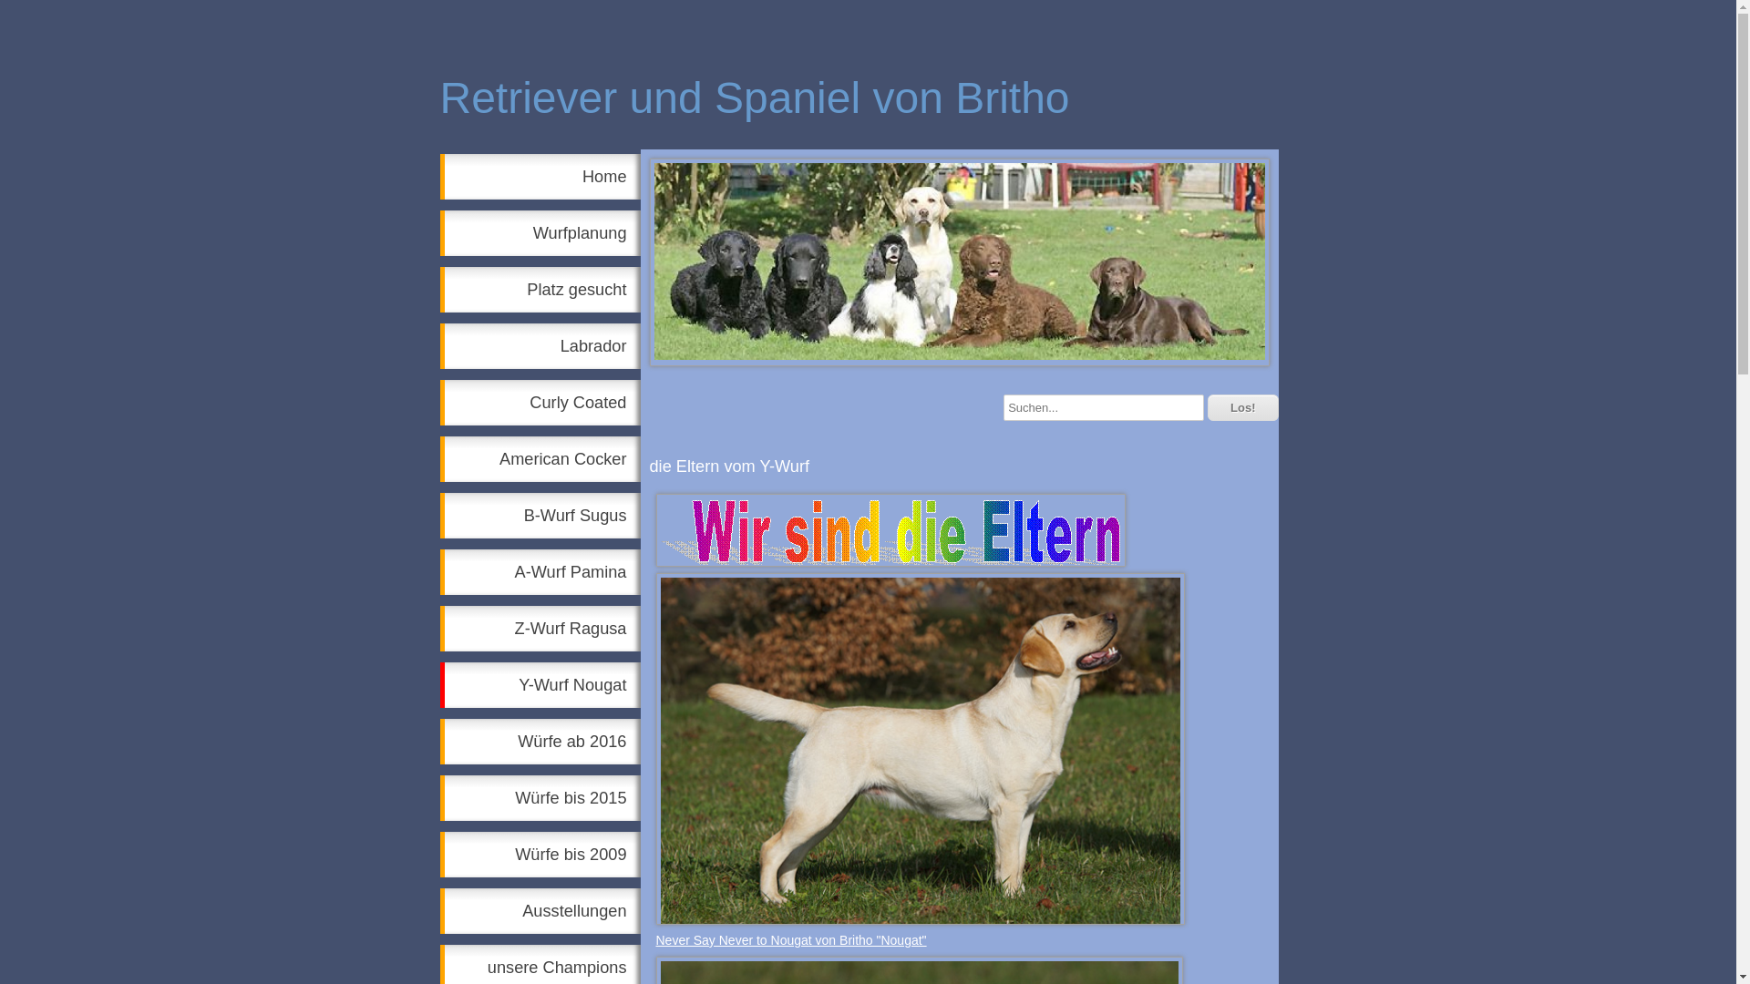 The height and width of the screenshot is (984, 1750). I want to click on 'Z-Wurf Ragusa', so click(538, 628).